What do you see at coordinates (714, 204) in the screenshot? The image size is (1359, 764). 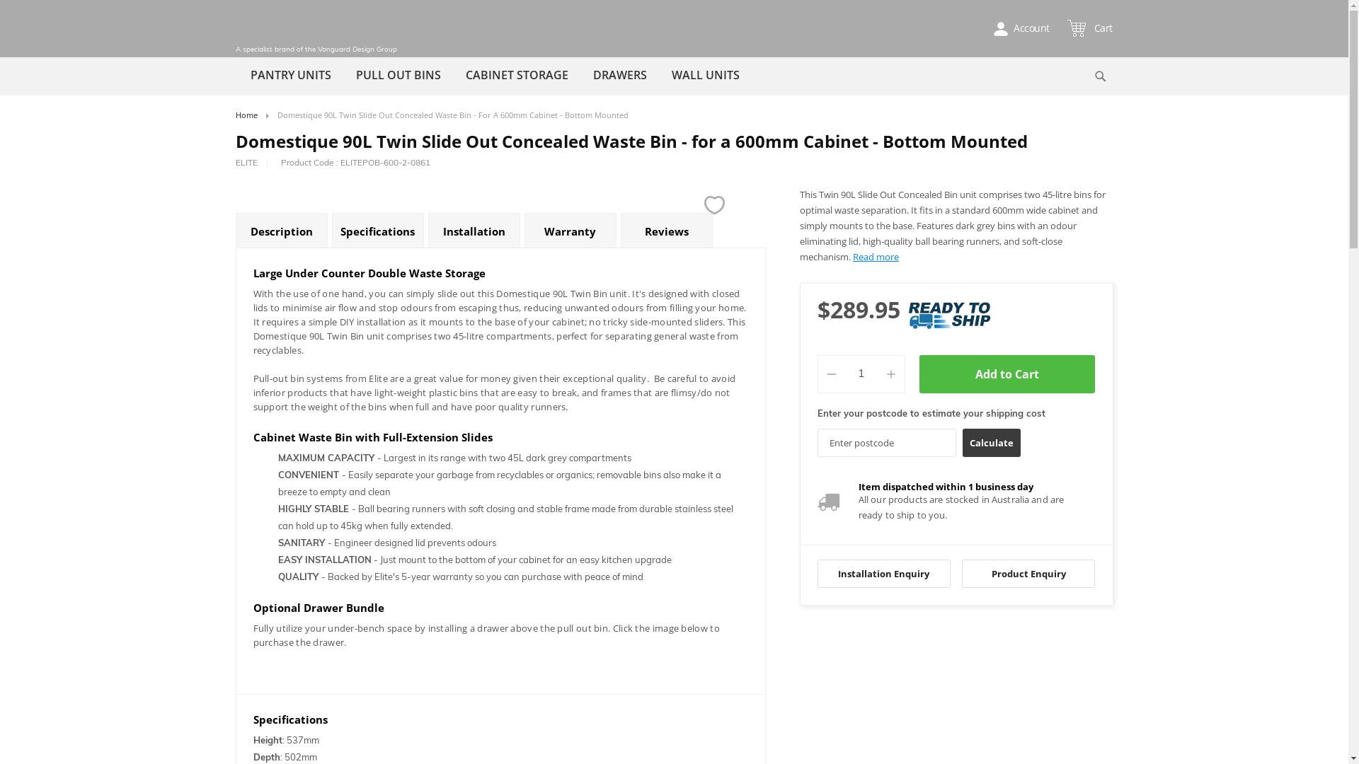 I see `'Favourite Favourite'` at bounding box center [714, 204].